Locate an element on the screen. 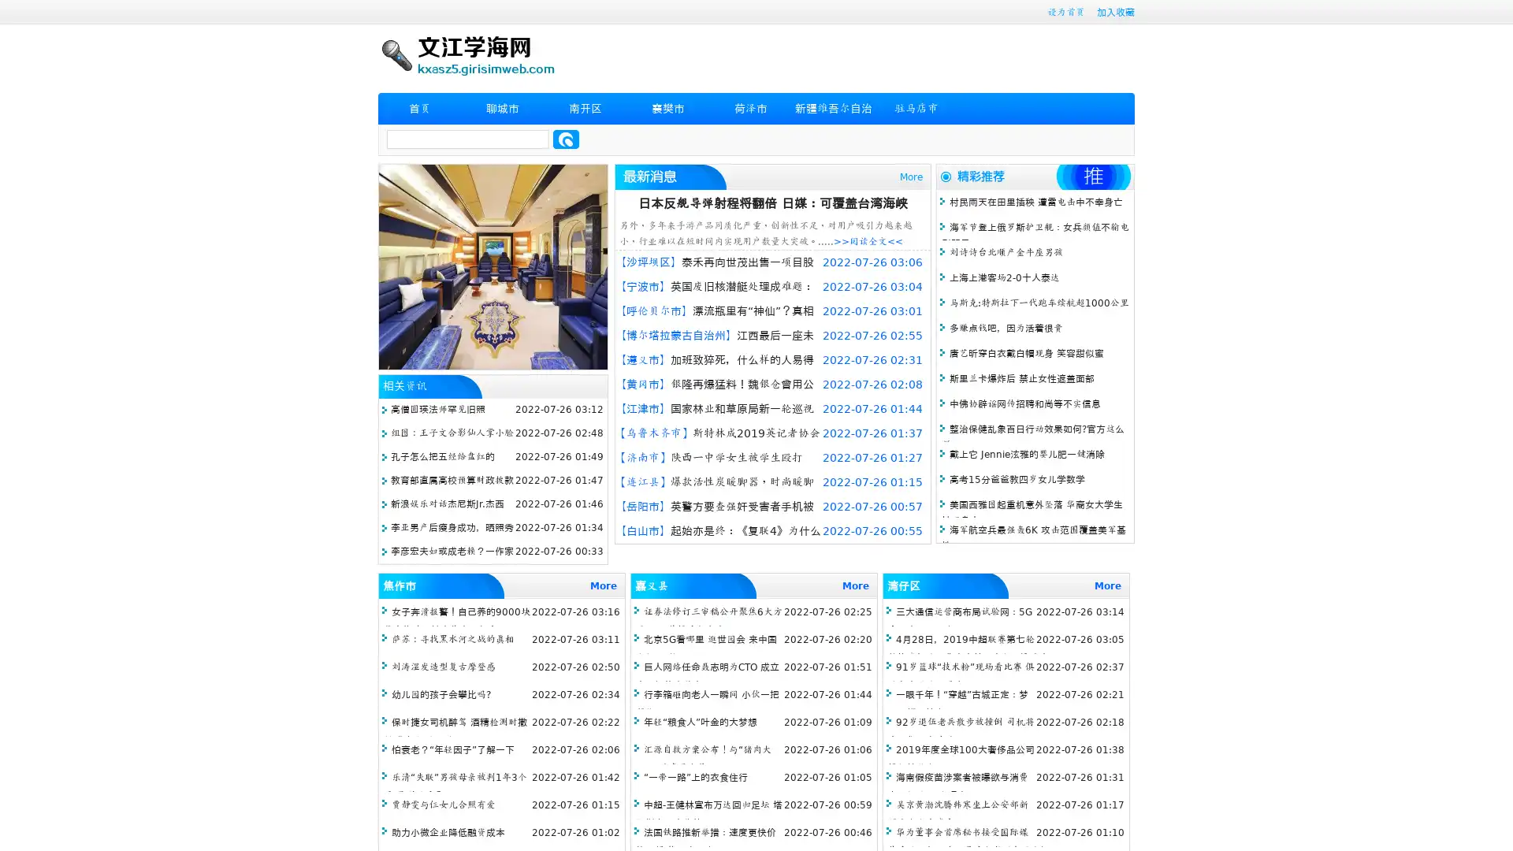 Image resolution: width=1513 pixels, height=851 pixels. Search is located at coordinates (566, 139).